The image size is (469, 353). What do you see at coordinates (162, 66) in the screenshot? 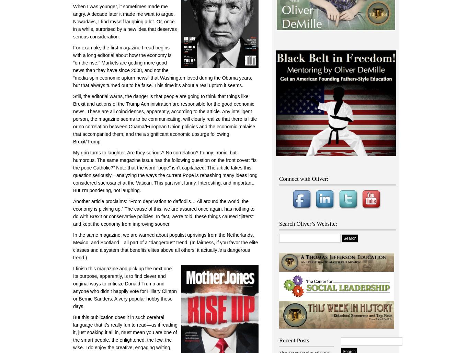
I see `'For example, the first magazine I read begins with a long editorial about how the economy is “on the rise.” Markets are getting more good news than they have since 2008, and not the “media-spin economic upturn news” that Washington loved during the Obama years, but that always turned out to be false. This time it’s about a real upturn it seems.'` at bounding box center [162, 66].